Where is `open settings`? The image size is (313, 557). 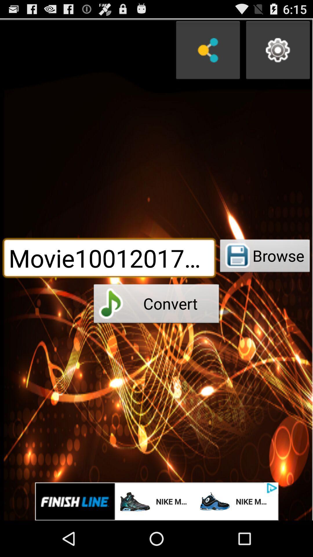
open settings is located at coordinates (278, 50).